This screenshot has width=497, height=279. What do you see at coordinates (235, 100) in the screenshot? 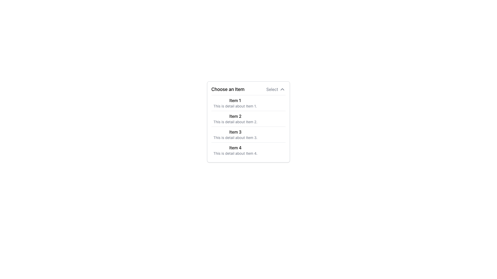
I see `the first item in the list under the heading 'Choose an Item', which serves as a clickable label for interaction` at bounding box center [235, 100].